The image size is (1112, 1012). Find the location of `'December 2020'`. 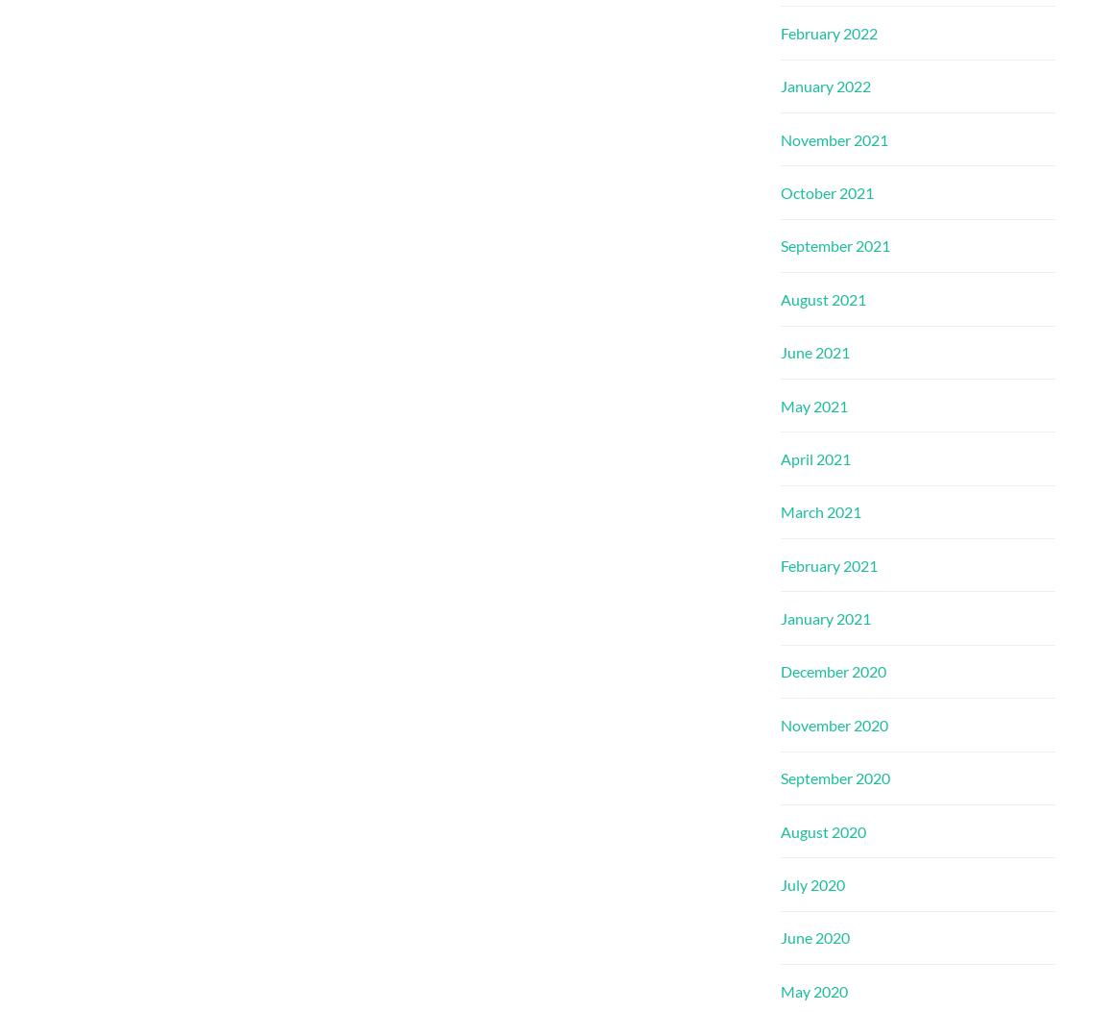

'December 2020' is located at coordinates (833, 671).